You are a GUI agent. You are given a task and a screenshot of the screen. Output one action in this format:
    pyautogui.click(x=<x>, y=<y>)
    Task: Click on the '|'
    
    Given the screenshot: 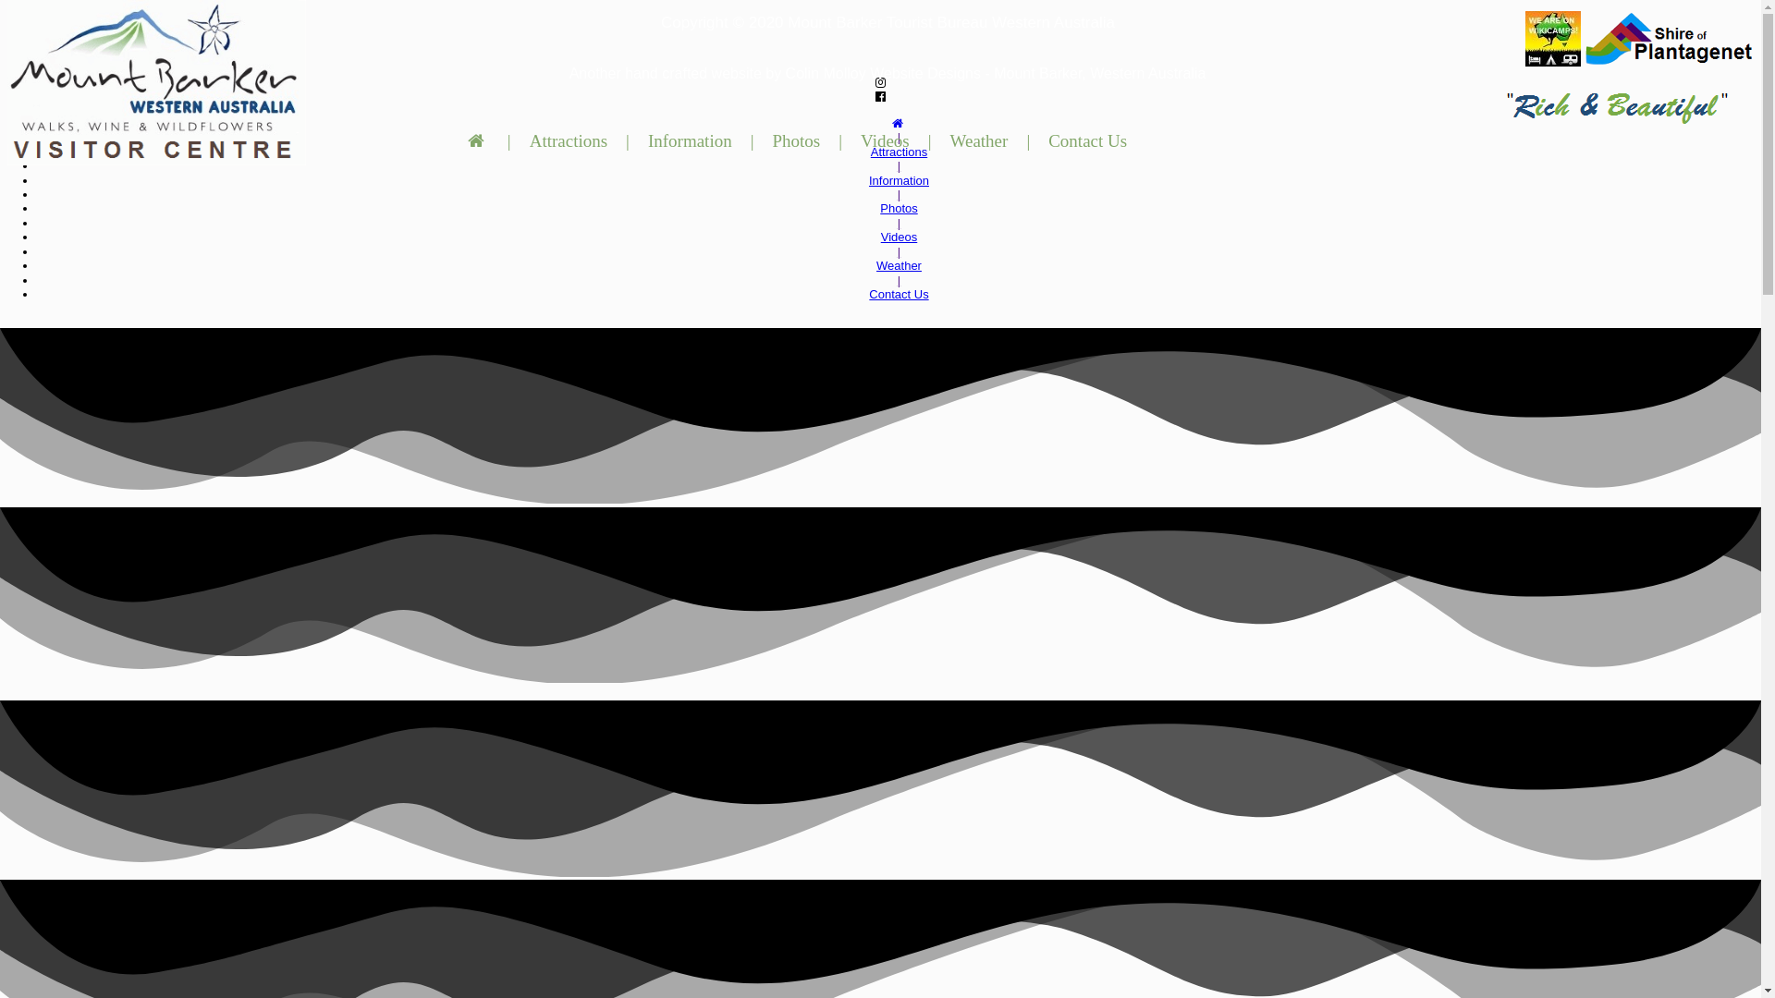 What is the action you would take?
    pyautogui.click(x=899, y=136)
    